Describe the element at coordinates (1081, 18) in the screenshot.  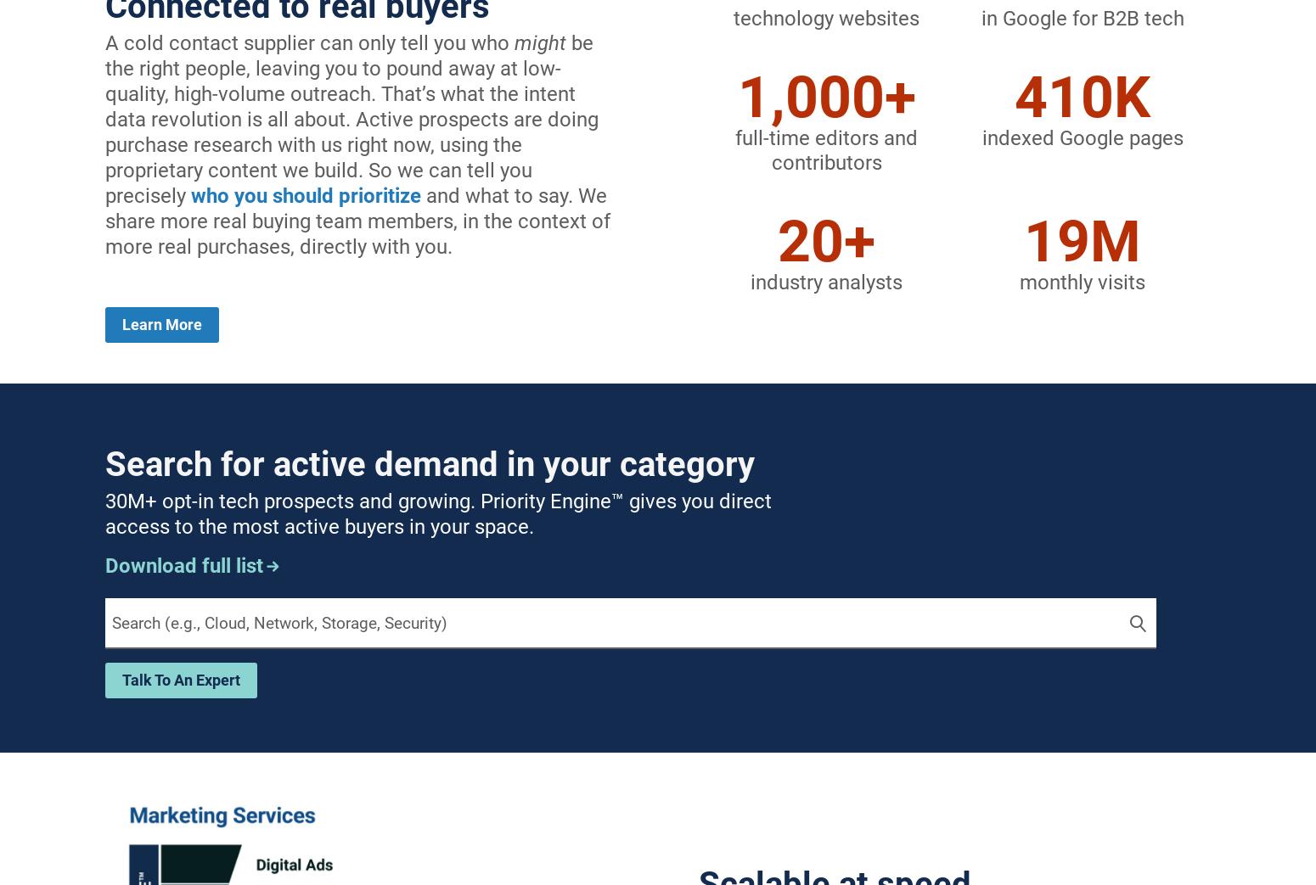
I see `'in Google for B2B tech'` at that location.